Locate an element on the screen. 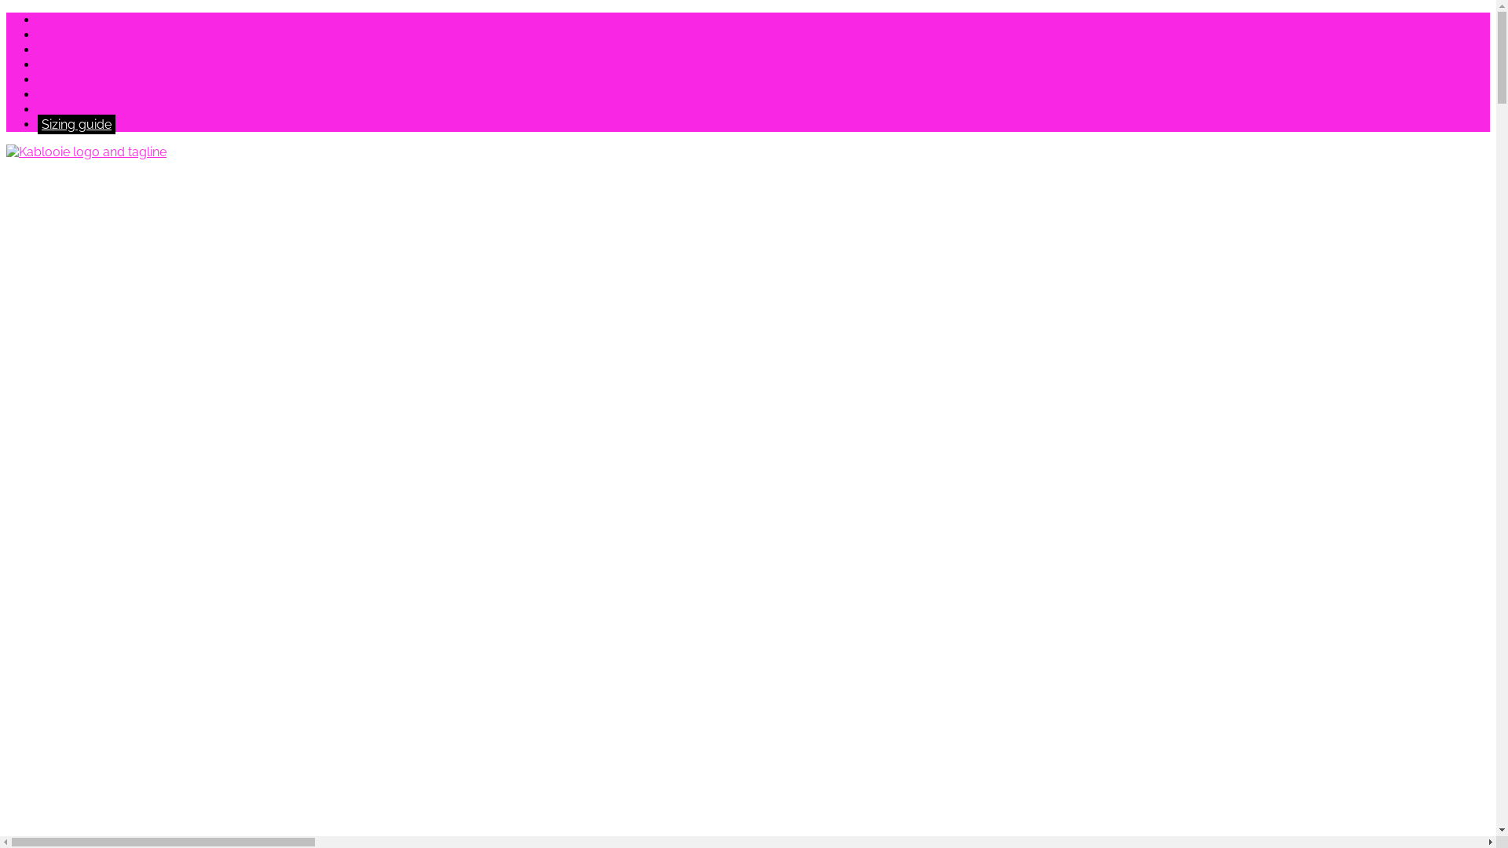 This screenshot has height=848, width=1508. 'Home' is located at coordinates (56, 20).